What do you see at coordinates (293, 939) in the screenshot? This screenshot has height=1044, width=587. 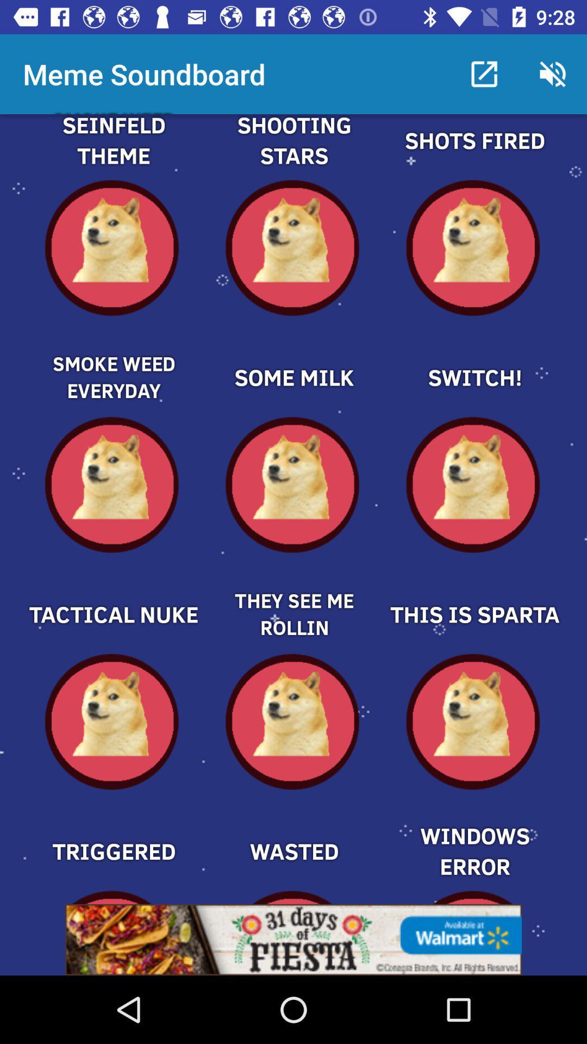 I see `advertisement option` at bounding box center [293, 939].